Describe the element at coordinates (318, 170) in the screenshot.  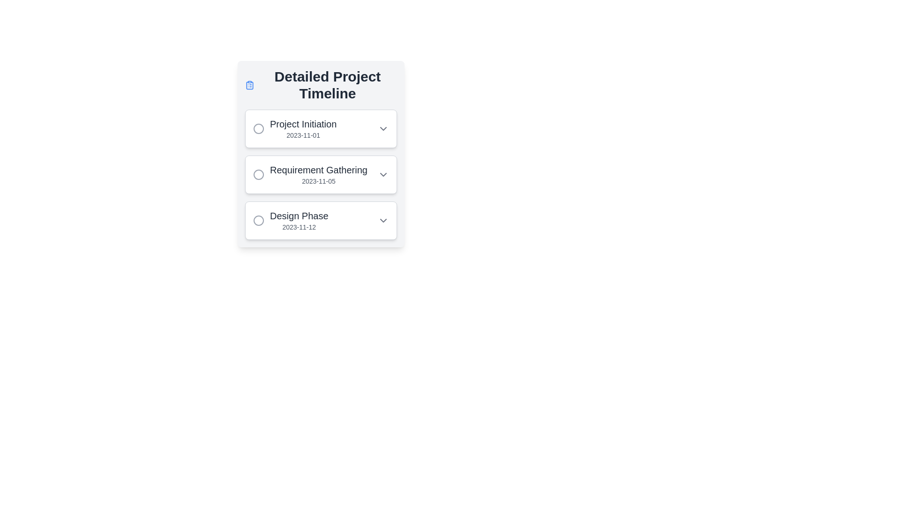
I see `text of the prominently styled text label displaying 'Requirement Gathering', which is located in the second list item under the 'Detailed Project Timeline' section, above the date '2023-11-05'` at that location.